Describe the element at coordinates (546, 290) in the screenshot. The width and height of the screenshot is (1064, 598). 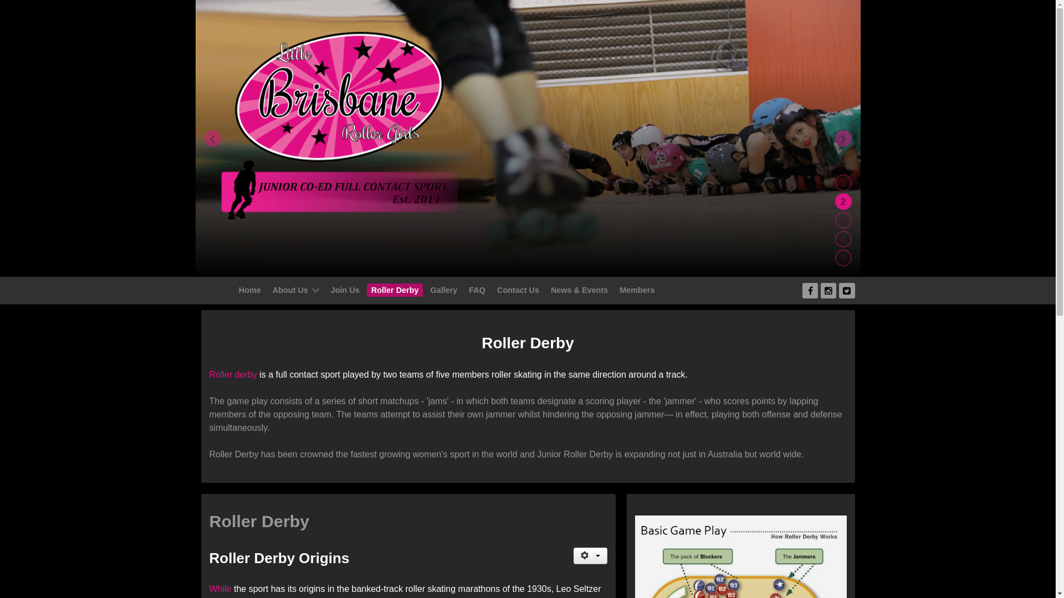
I see `'News & Events'` at that location.